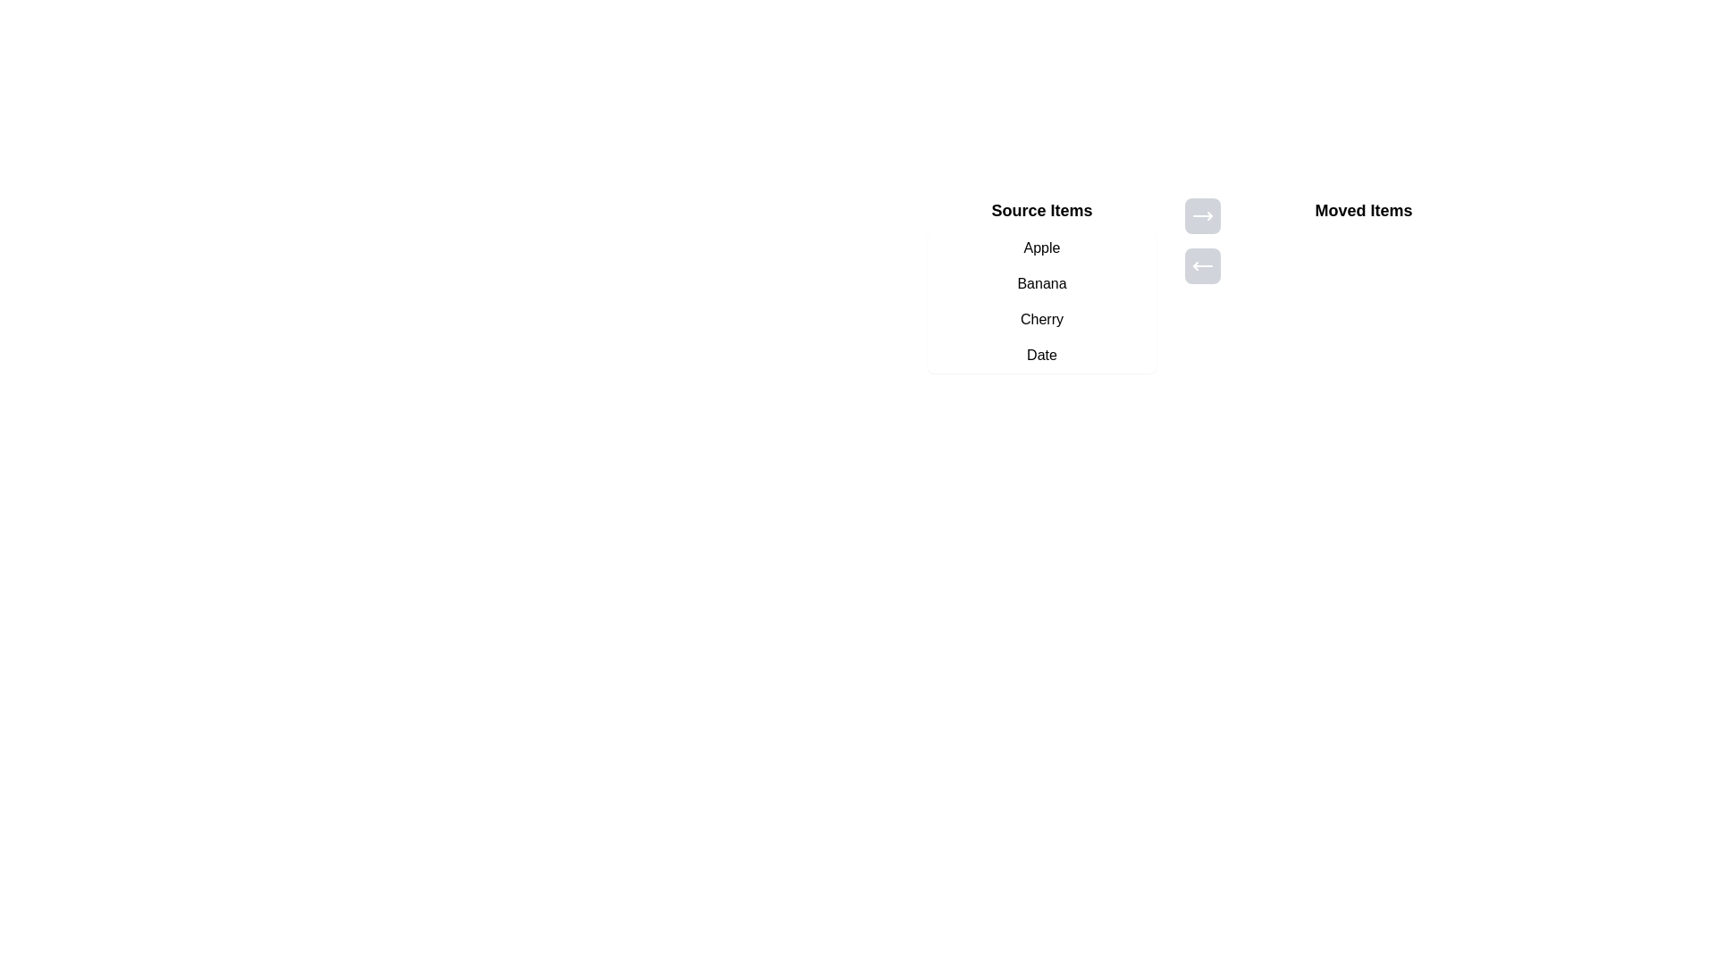 This screenshot has width=1716, height=965. Describe the element at coordinates (1042, 319) in the screenshot. I see `the third list item with the text 'Cherry' located under the 'Source Items' heading to trigger the hover effect` at that location.